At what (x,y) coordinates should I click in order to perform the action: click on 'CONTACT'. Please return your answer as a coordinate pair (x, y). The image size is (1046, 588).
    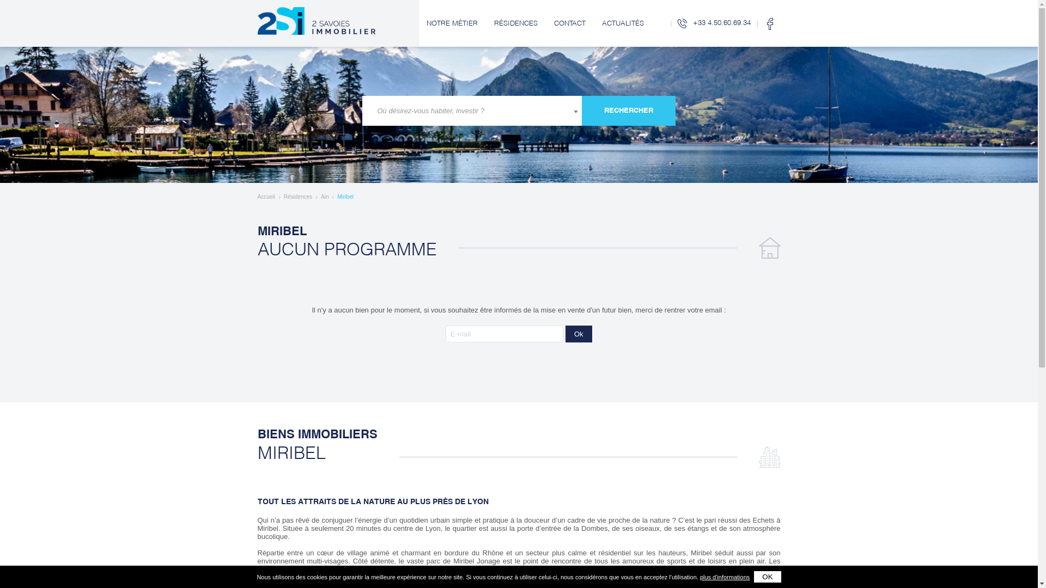
    Looking at the image, I should click on (569, 24).